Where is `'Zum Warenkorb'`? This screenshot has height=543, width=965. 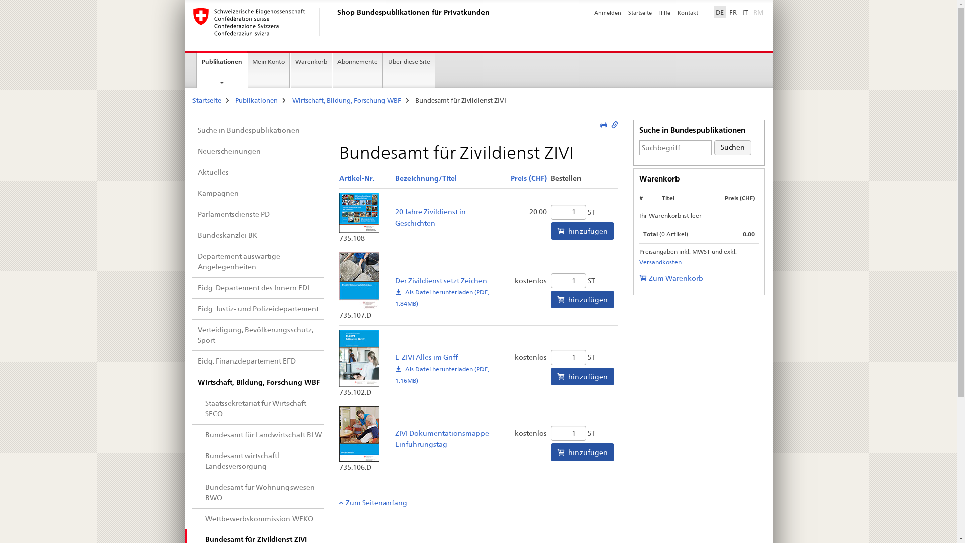
'Zum Warenkorb' is located at coordinates (671, 278).